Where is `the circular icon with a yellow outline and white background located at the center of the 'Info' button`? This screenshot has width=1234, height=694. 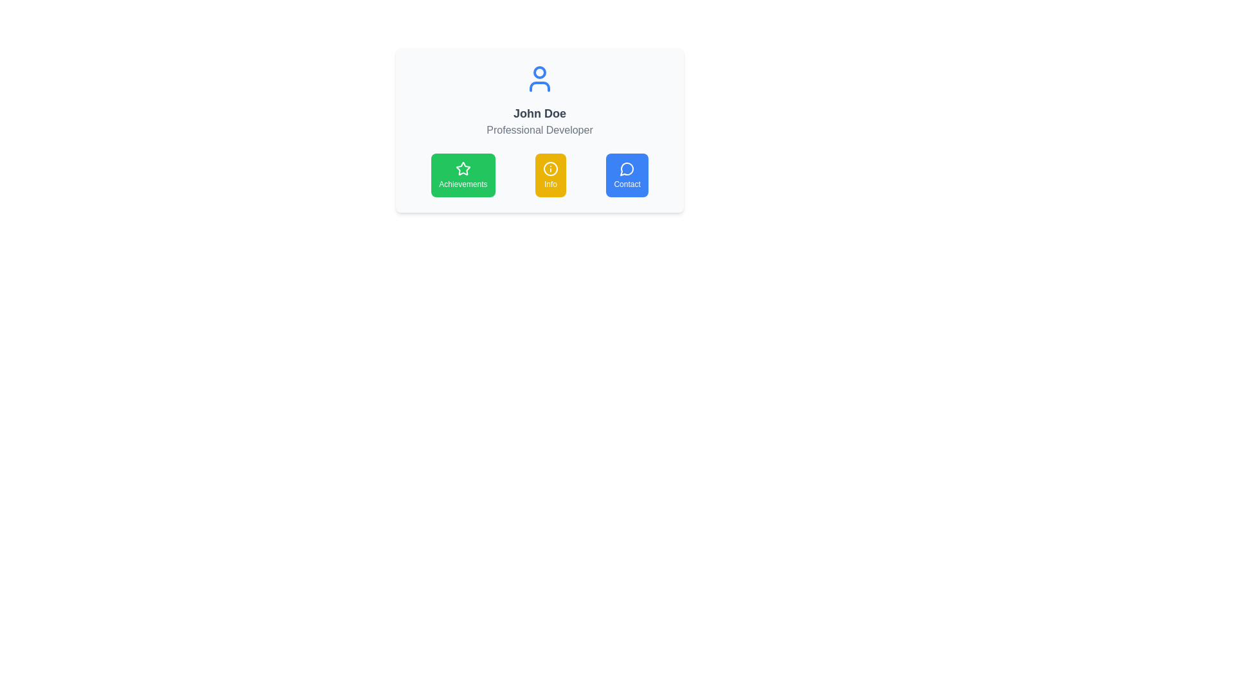
the circular icon with a yellow outline and white background located at the center of the 'Info' button is located at coordinates (551, 168).